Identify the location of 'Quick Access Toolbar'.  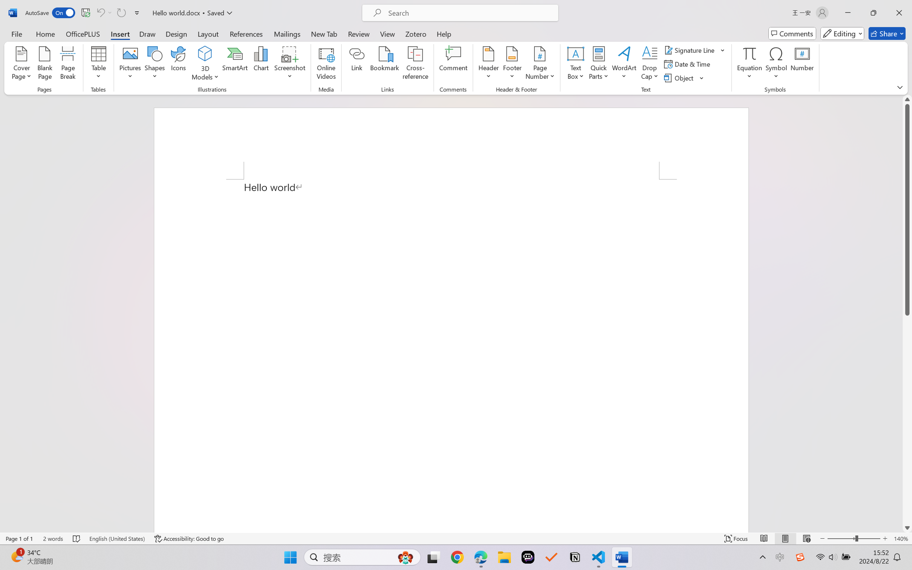
(84, 12).